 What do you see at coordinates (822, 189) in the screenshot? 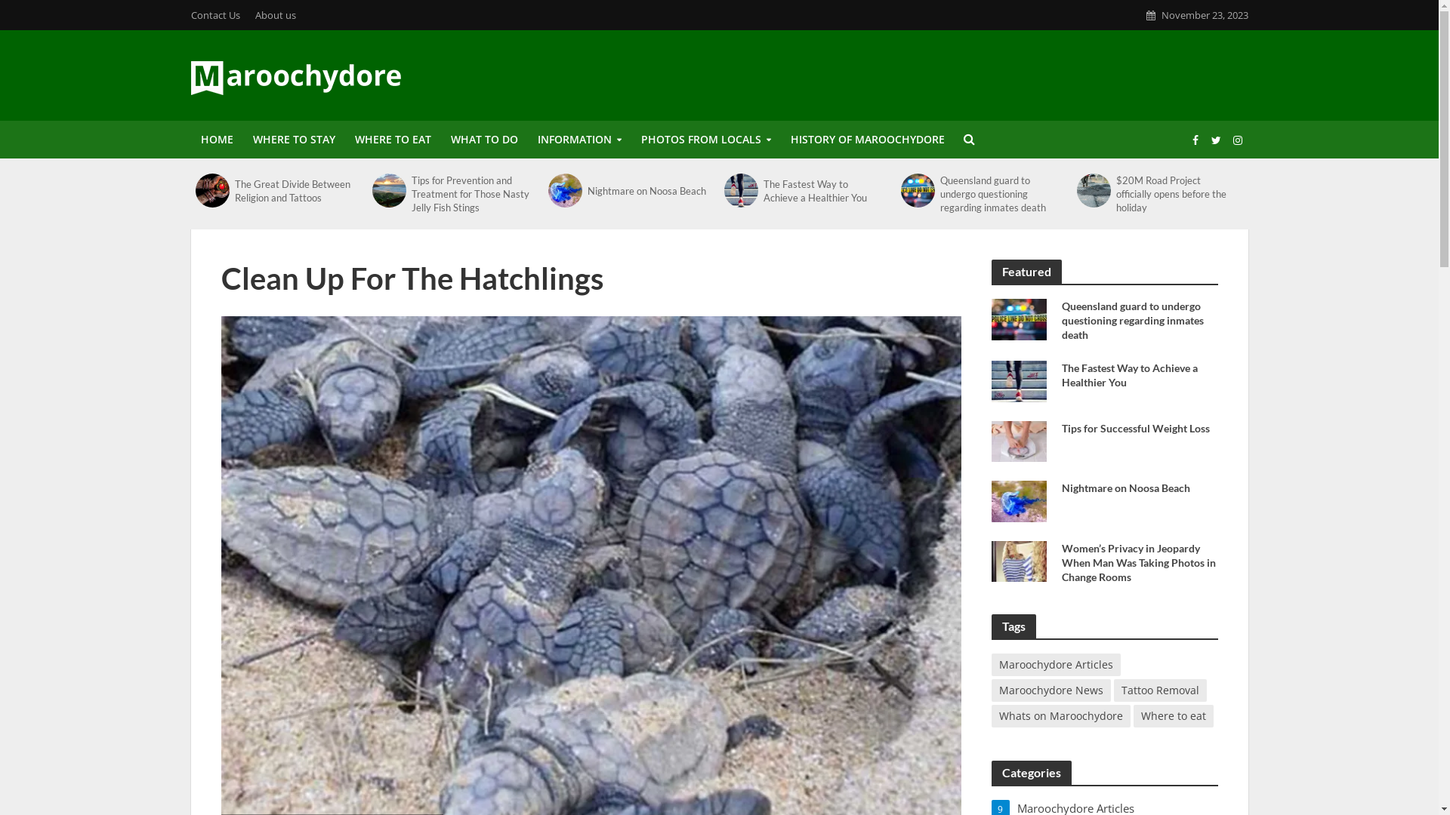
I see `'The Fastest Way to Achieve a Healthier You'` at bounding box center [822, 189].